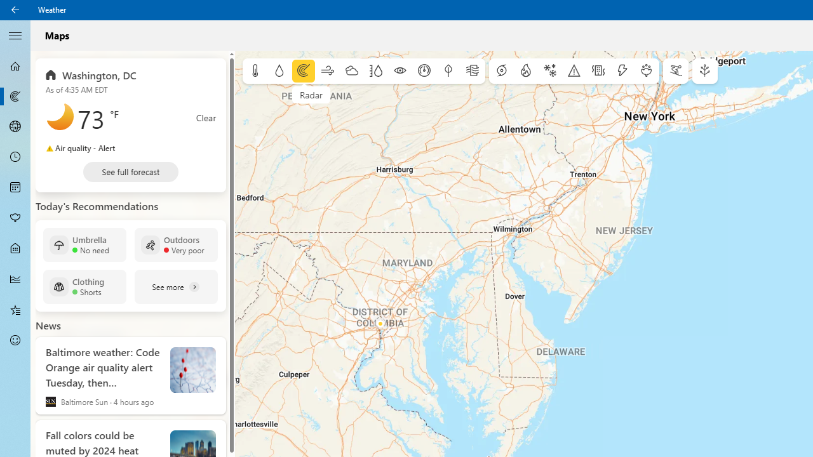  What do you see at coordinates (15, 249) in the screenshot?
I see `'Life - Not Selected'` at bounding box center [15, 249].